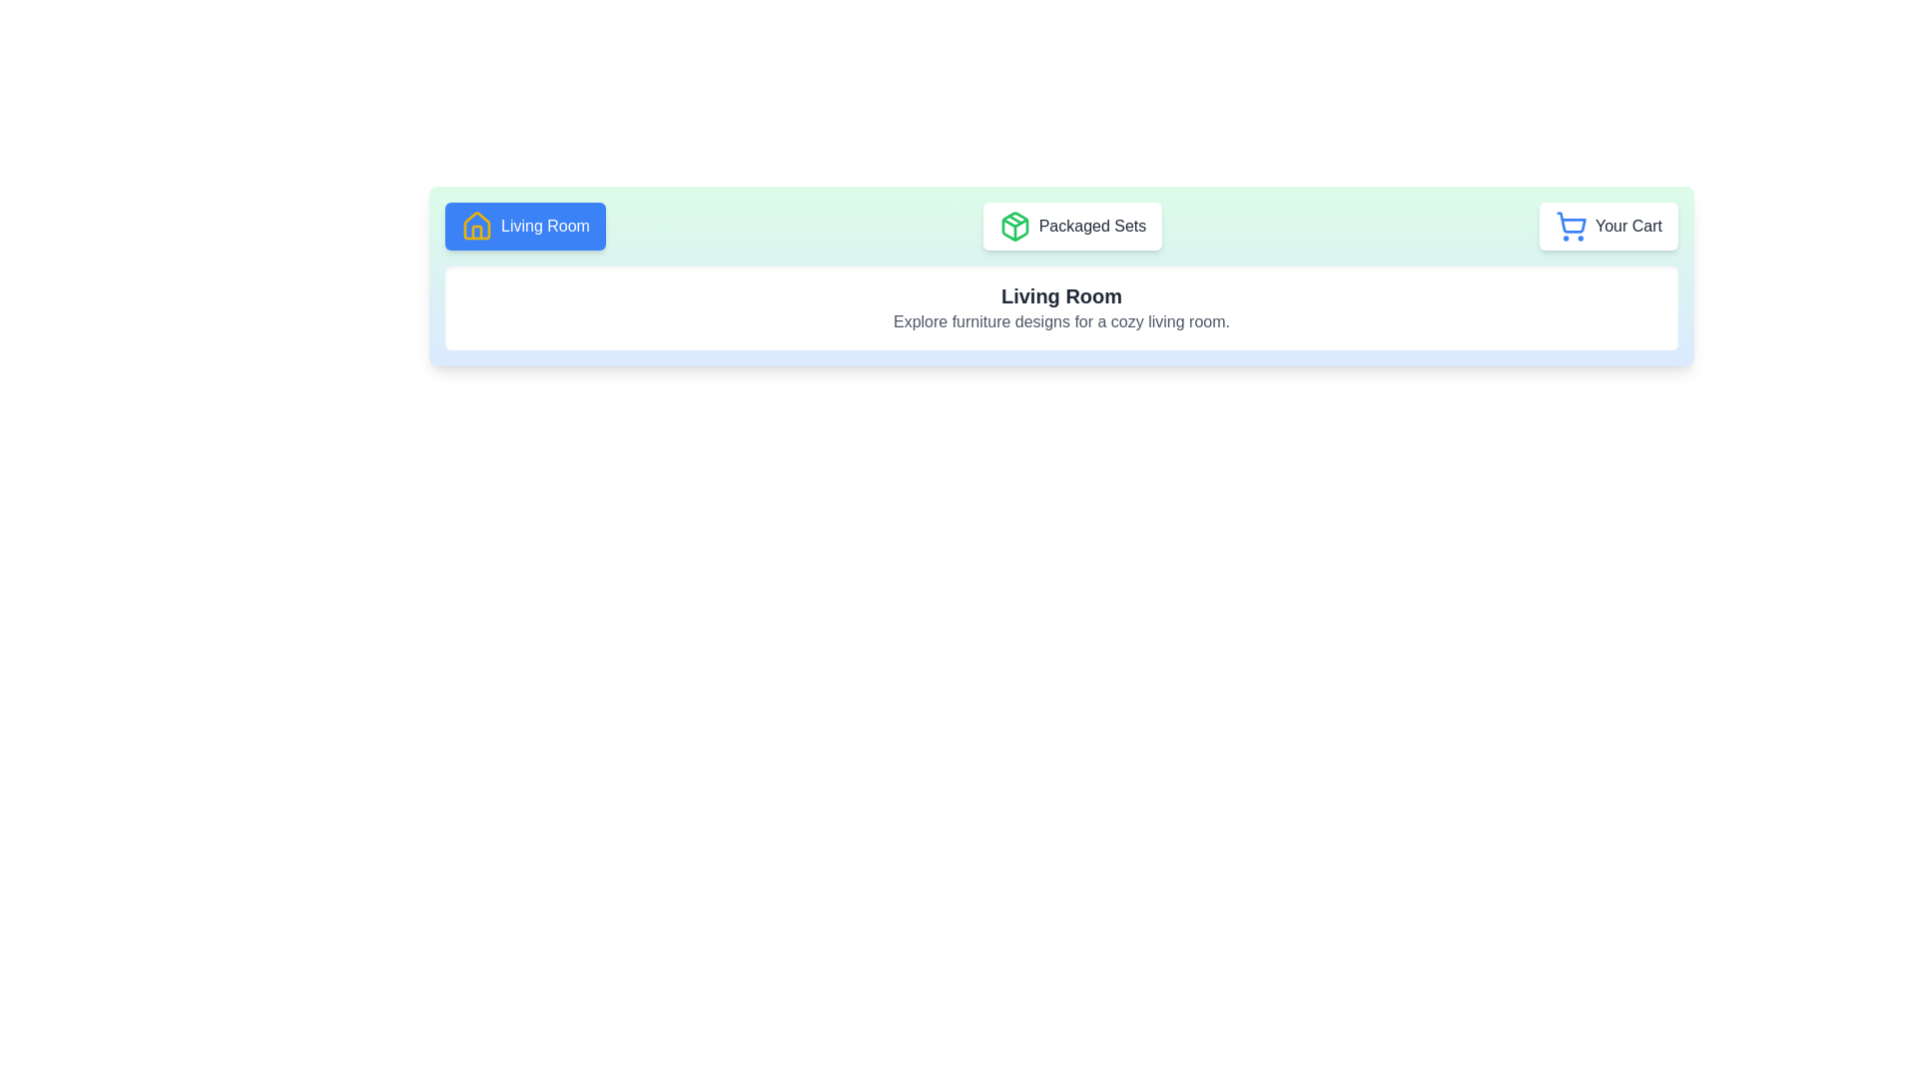 The image size is (1917, 1078). I want to click on the feature Your Cart by clicking the corresponding button, so click(1608, 226).